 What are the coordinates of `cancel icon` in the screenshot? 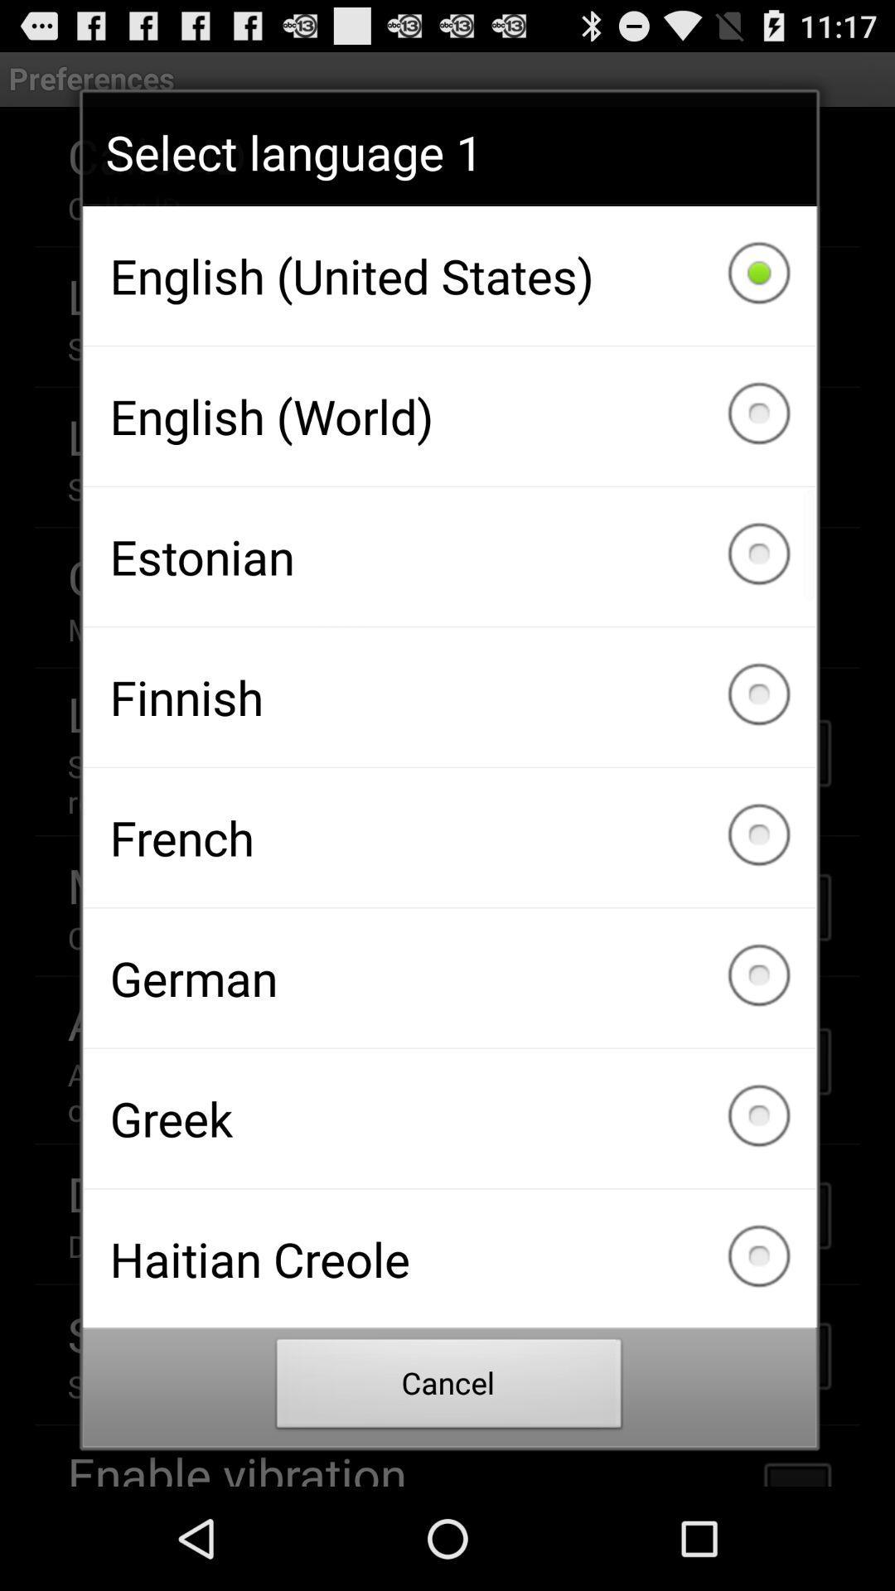 It's located at (449, 1388).